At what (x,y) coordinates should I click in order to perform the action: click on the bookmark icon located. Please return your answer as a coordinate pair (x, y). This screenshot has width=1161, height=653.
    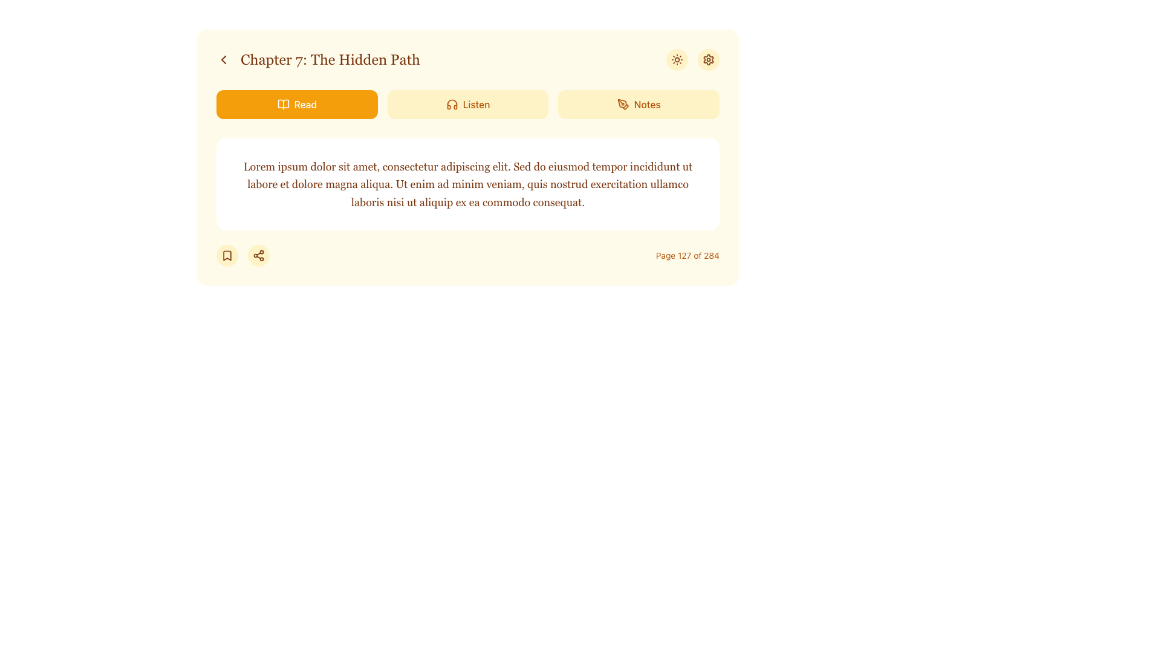
    Looking at the image, I should click on (227, 254).